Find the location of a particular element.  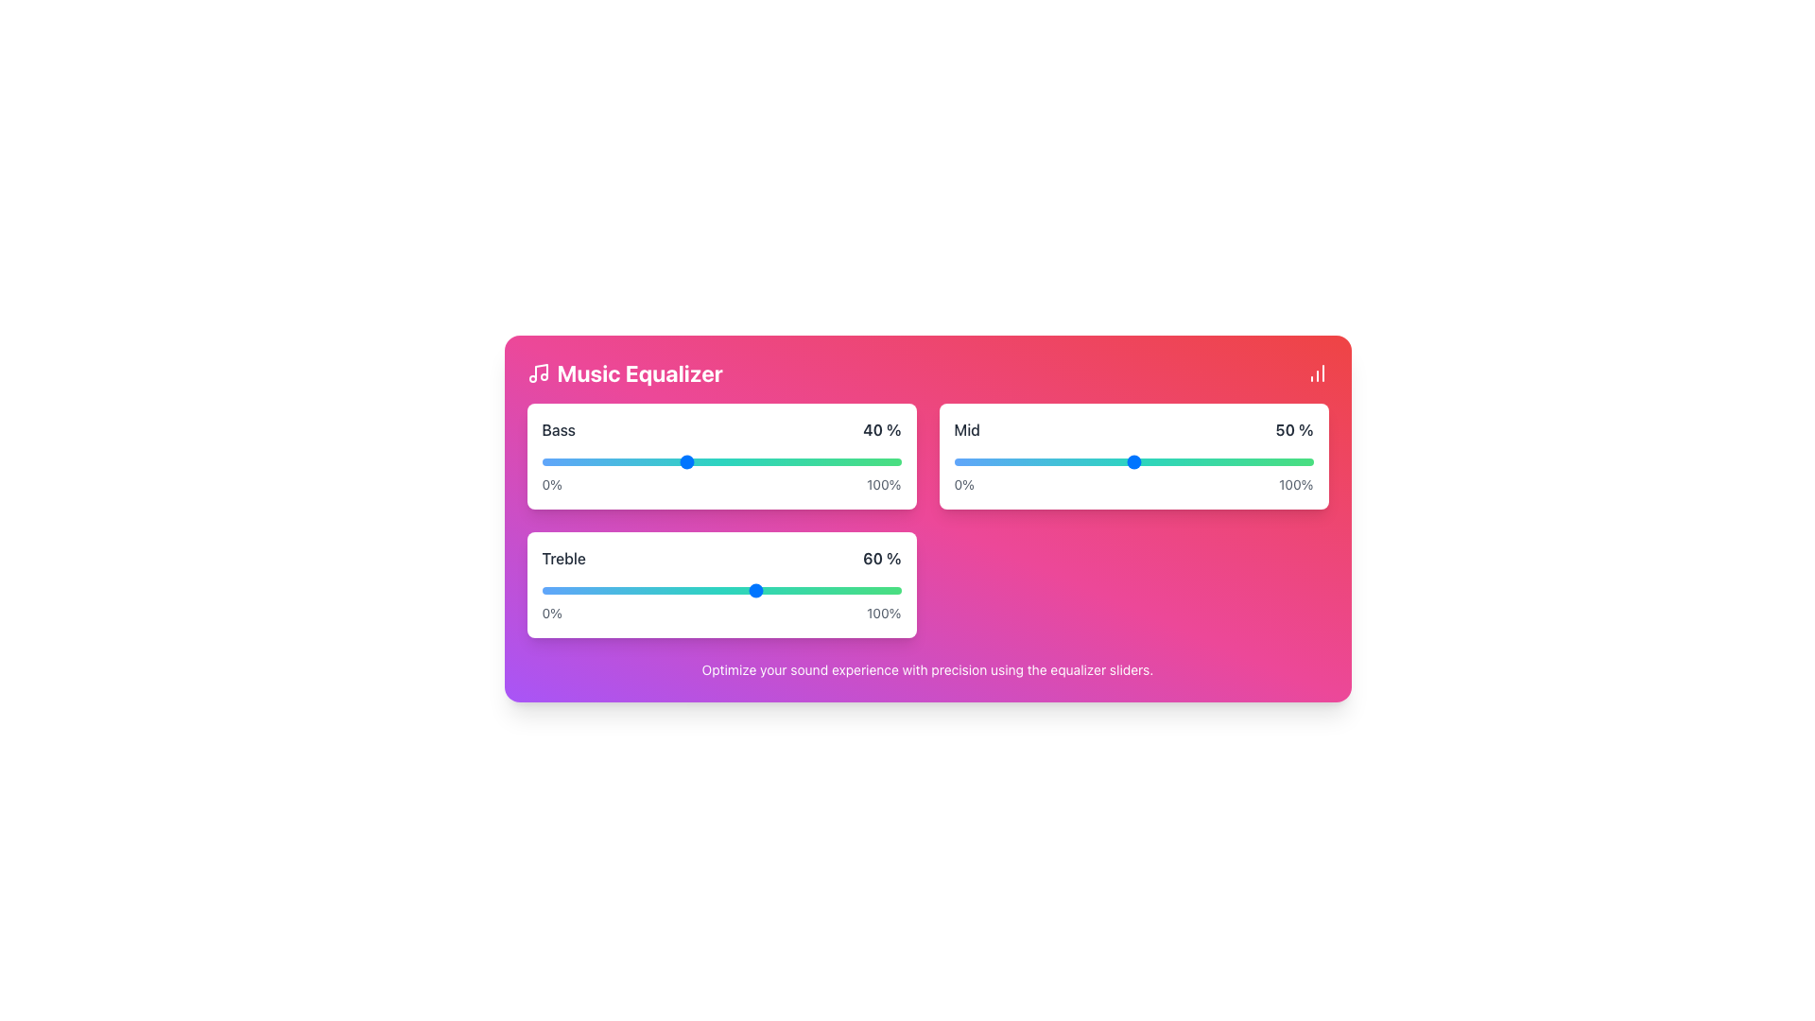

the slider thumb of the Mid parameter control located in the right card is located at coordinates (1133, 462).